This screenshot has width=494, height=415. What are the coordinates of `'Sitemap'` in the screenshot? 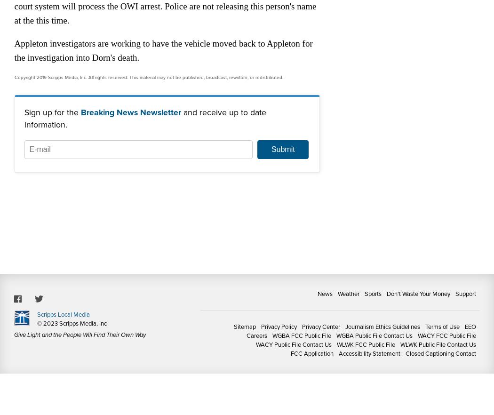 It's located at (244, 327).